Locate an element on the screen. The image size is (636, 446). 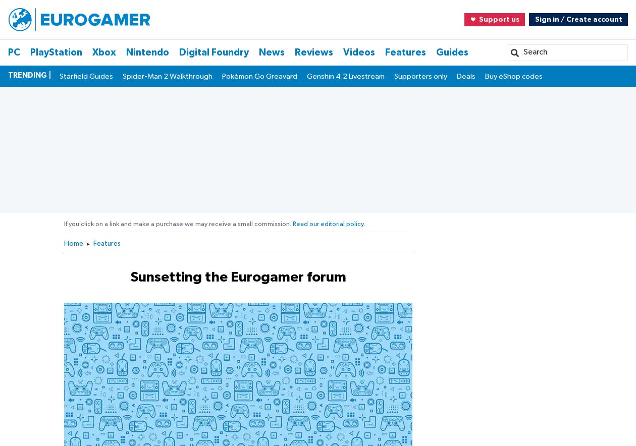
'Sign in with Google' is located at coordinates (142, 231).